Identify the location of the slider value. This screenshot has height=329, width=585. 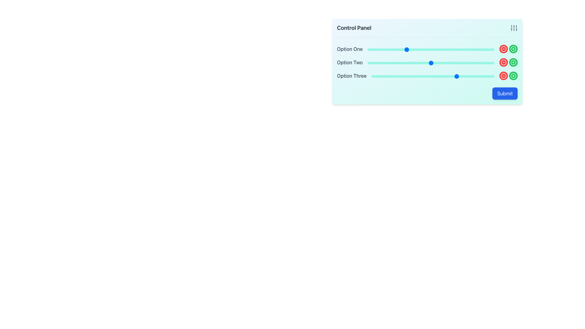
(488, 76).